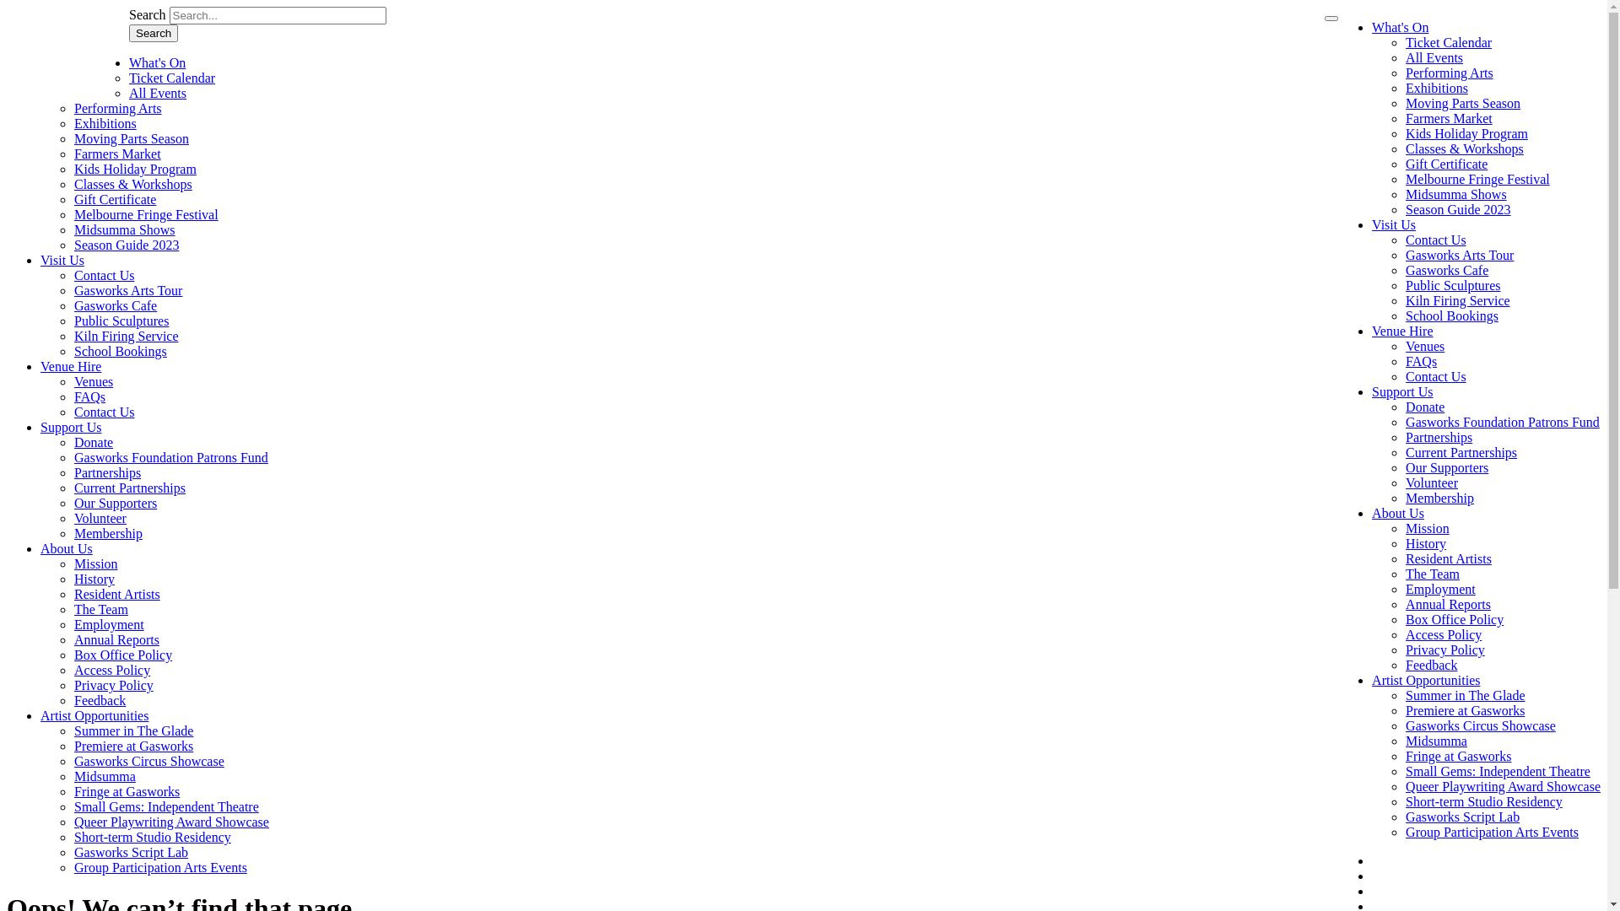  Describe the element at coordinates (111, 669) in the screenshot. I see `'Access Policy'` at that location.